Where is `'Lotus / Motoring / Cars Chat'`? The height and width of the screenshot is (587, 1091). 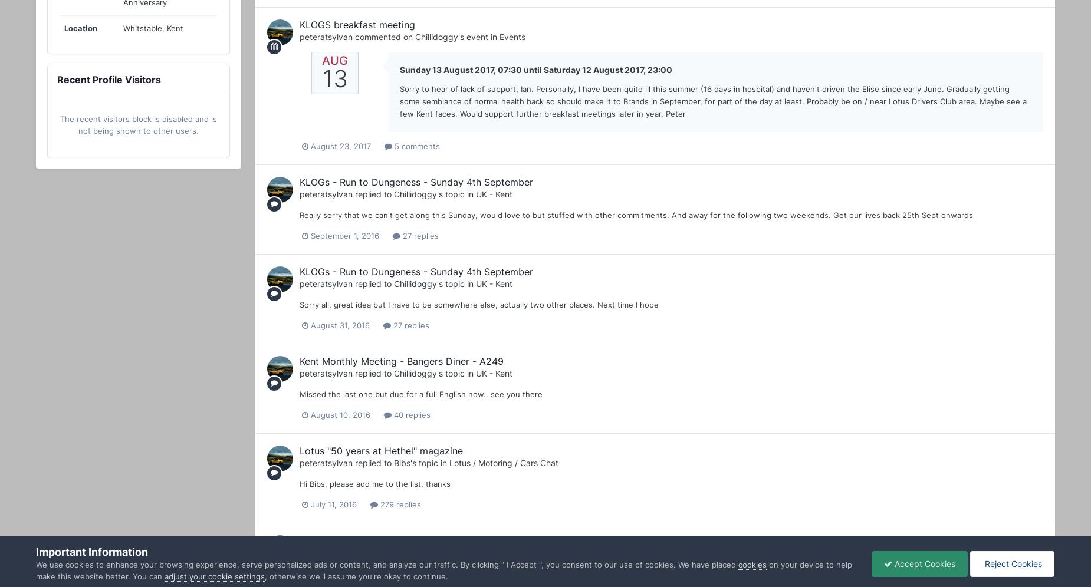 'Lotus / Motoring / Cars Chat' is located at coordinates (504, 463).